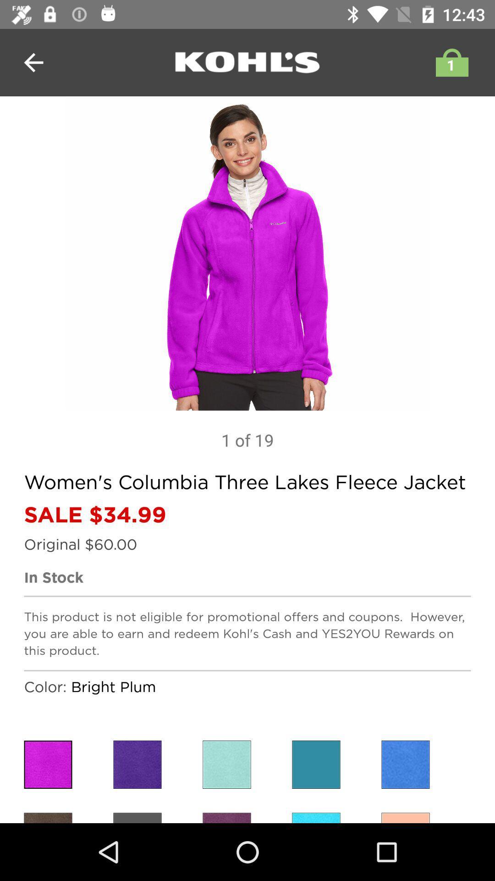 Image resolution: width=495 pixels, height=881 pixels. Describe the element at coordinates (226, 818) in the screenshot. I see `selection for a different color jacket` at that location.